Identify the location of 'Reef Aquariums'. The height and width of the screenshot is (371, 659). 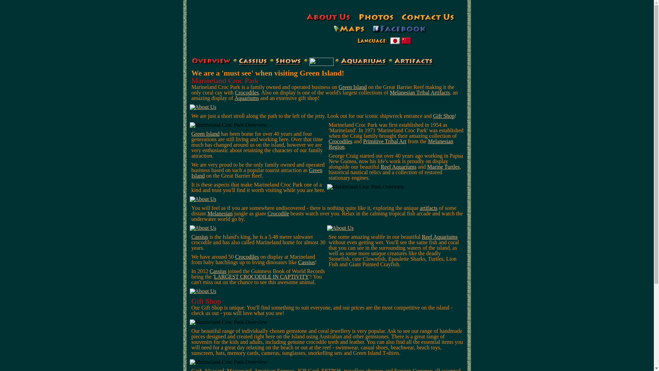
(421, 236).